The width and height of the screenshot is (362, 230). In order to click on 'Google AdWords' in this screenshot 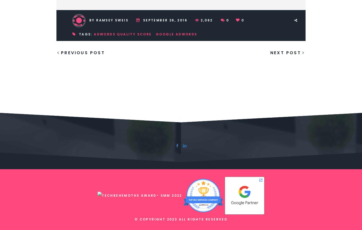, I will do `click(176, 34)`.